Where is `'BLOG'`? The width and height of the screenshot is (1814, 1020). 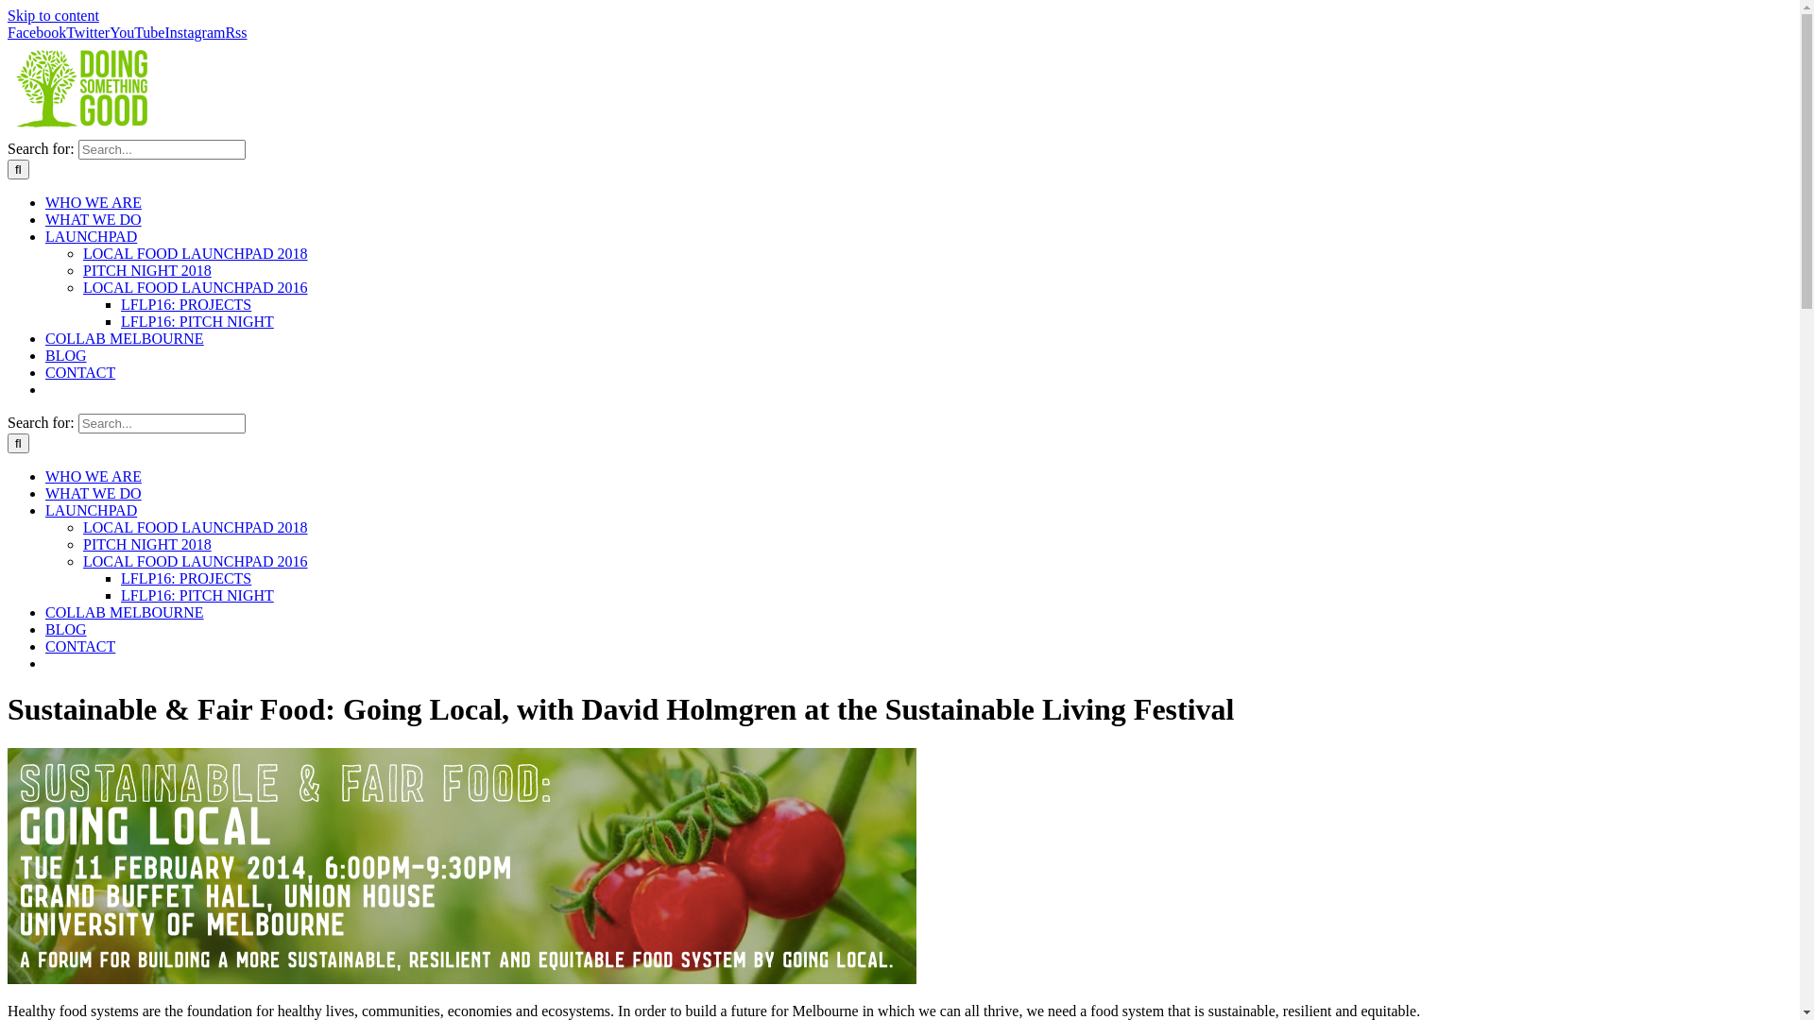
'BLOG' is located at coordinates (66, 355).